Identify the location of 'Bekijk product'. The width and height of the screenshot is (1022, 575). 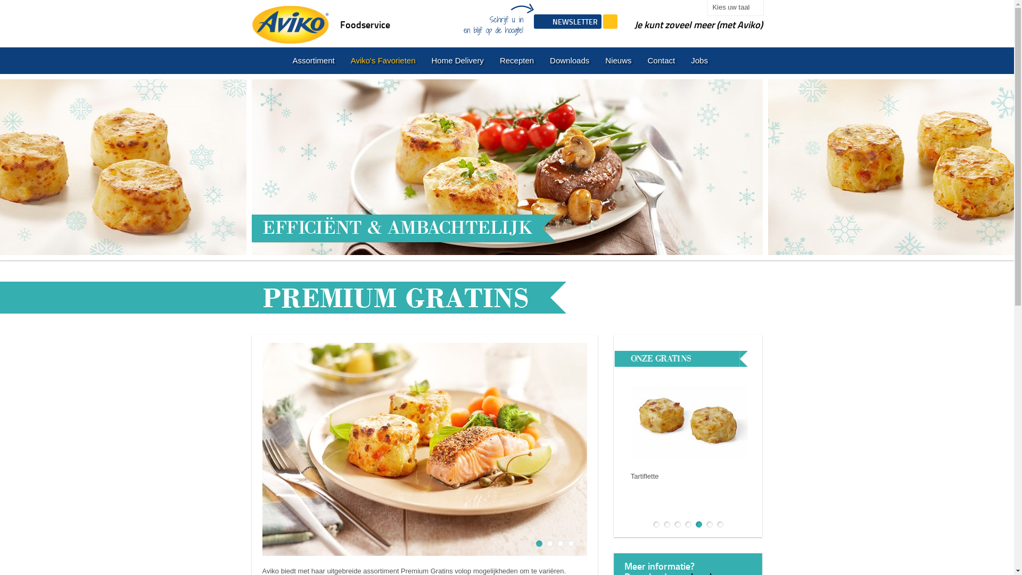
(665, 499).